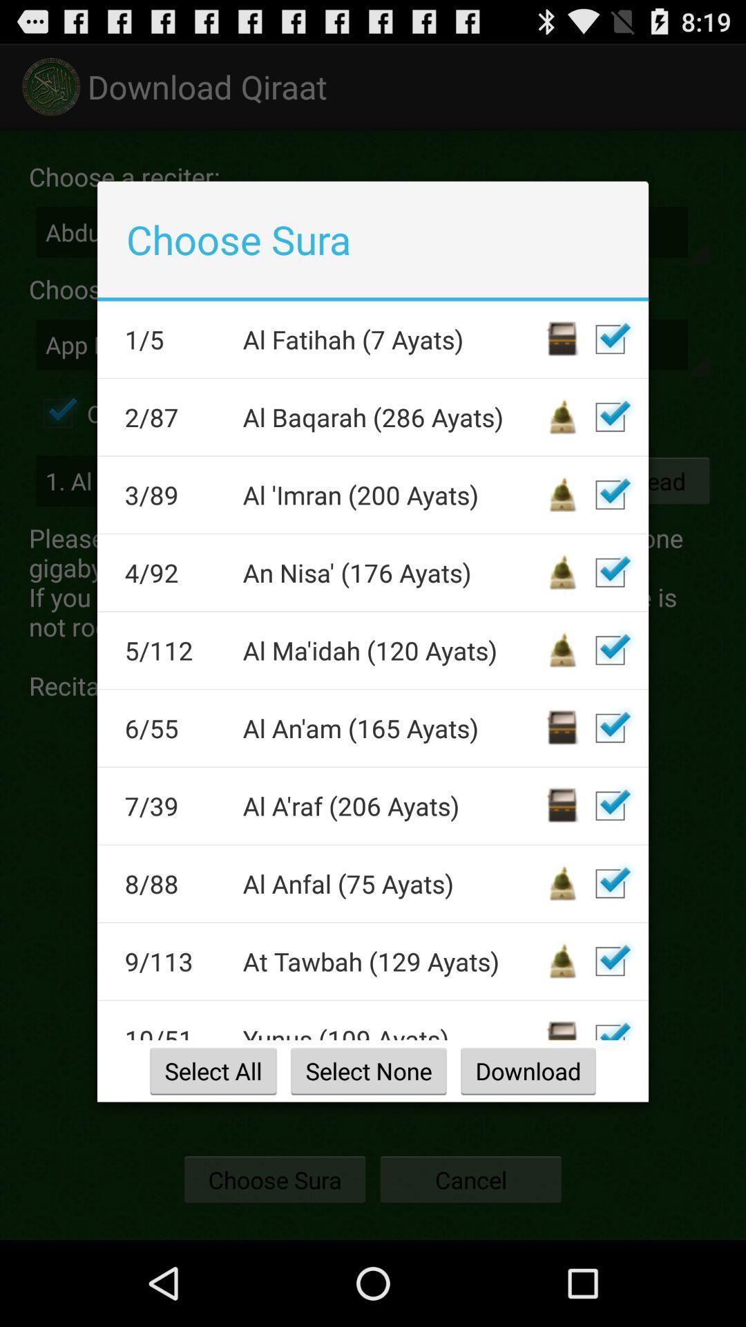 Image resolution: width=746 pixels, height=1327 pixels. What do you see at coordinates (609, 339) in the screenshot?
I see `sura inclusion` at bounding box center [609, 339].